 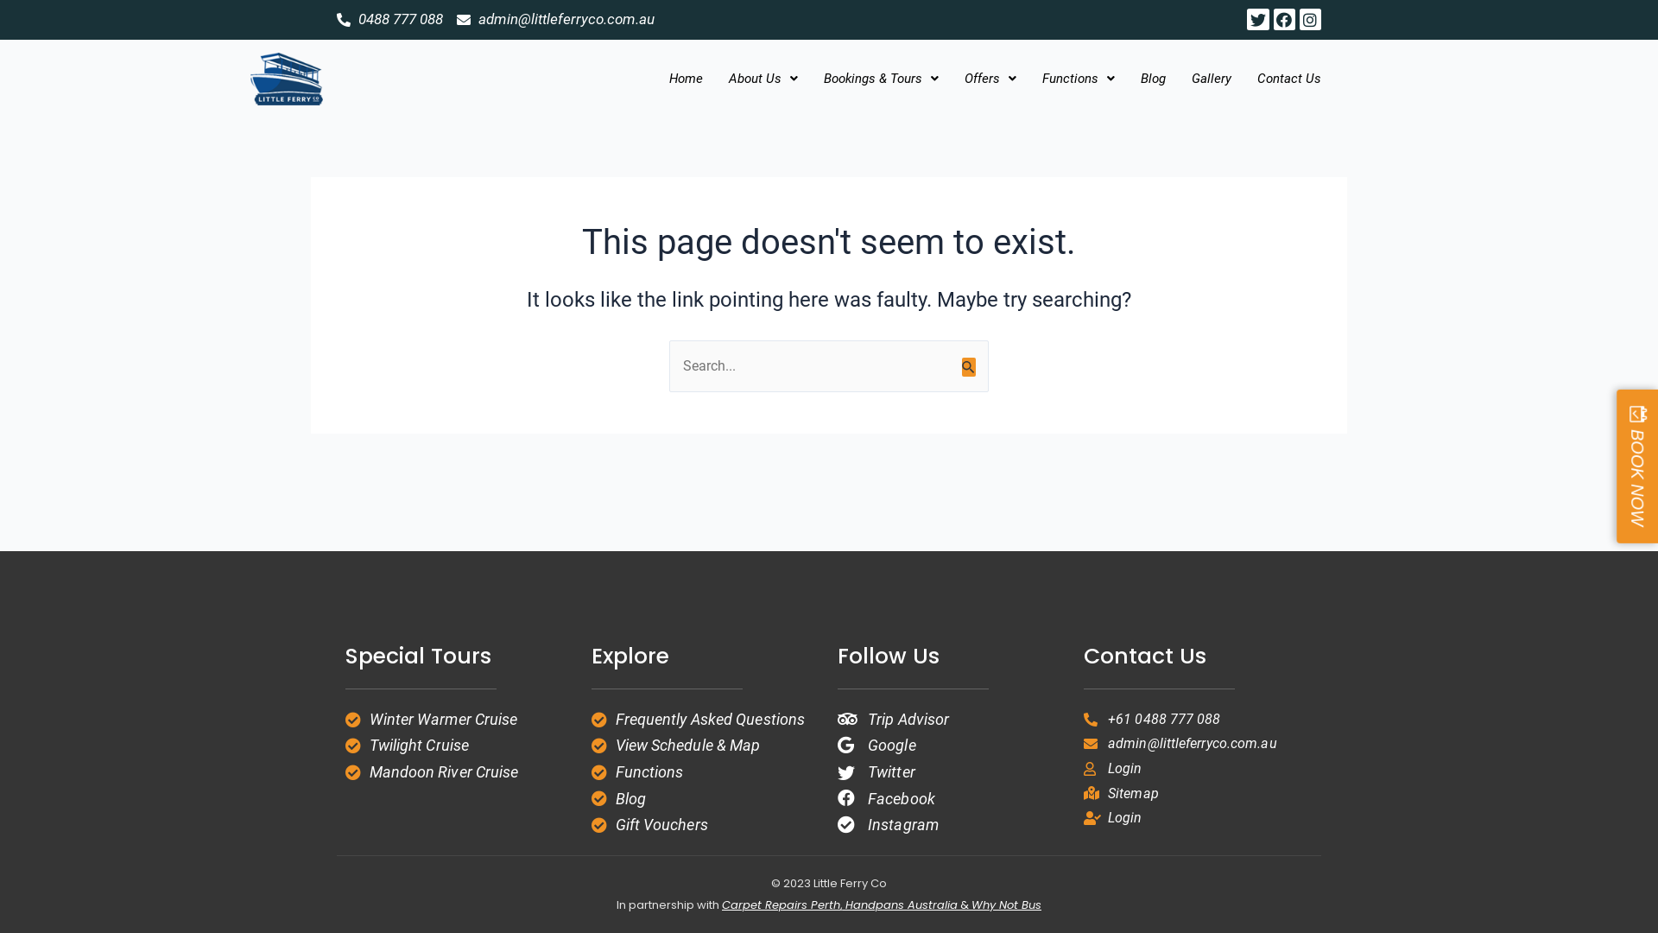 I want to click on 'Instagram', so click(x=951, y=824).